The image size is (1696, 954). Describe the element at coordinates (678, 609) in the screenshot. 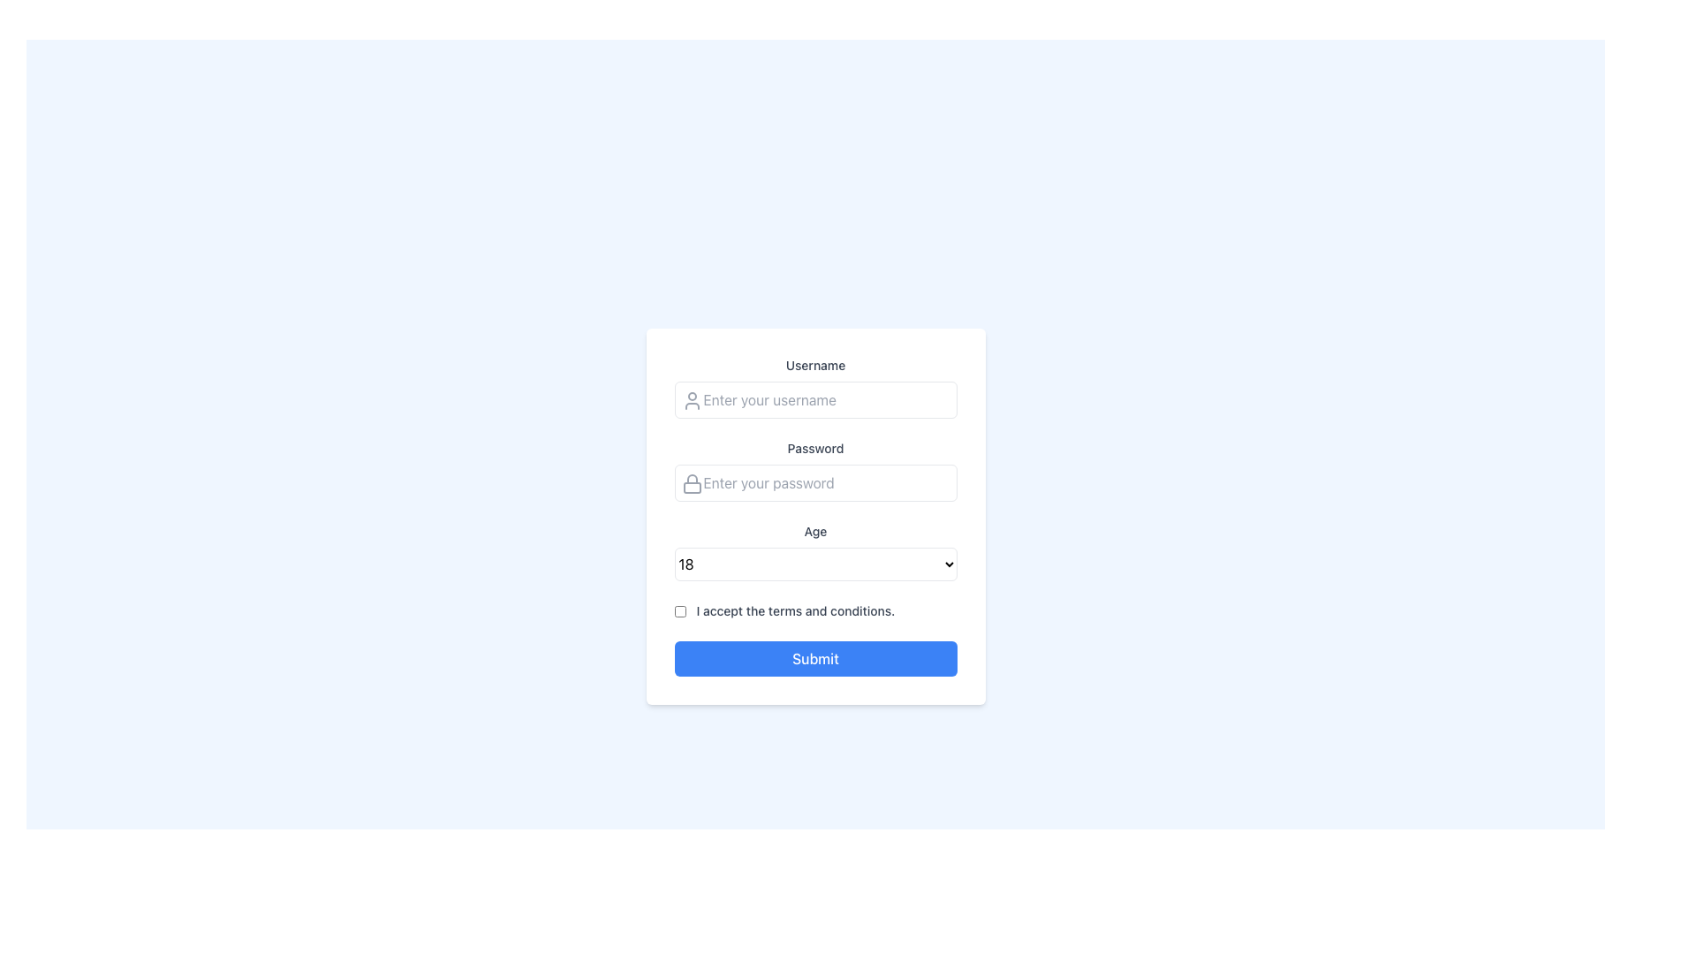

I see `the checkbox with a white background and red border located to the left of the label 'I accept the terms and conditions'` at that location.